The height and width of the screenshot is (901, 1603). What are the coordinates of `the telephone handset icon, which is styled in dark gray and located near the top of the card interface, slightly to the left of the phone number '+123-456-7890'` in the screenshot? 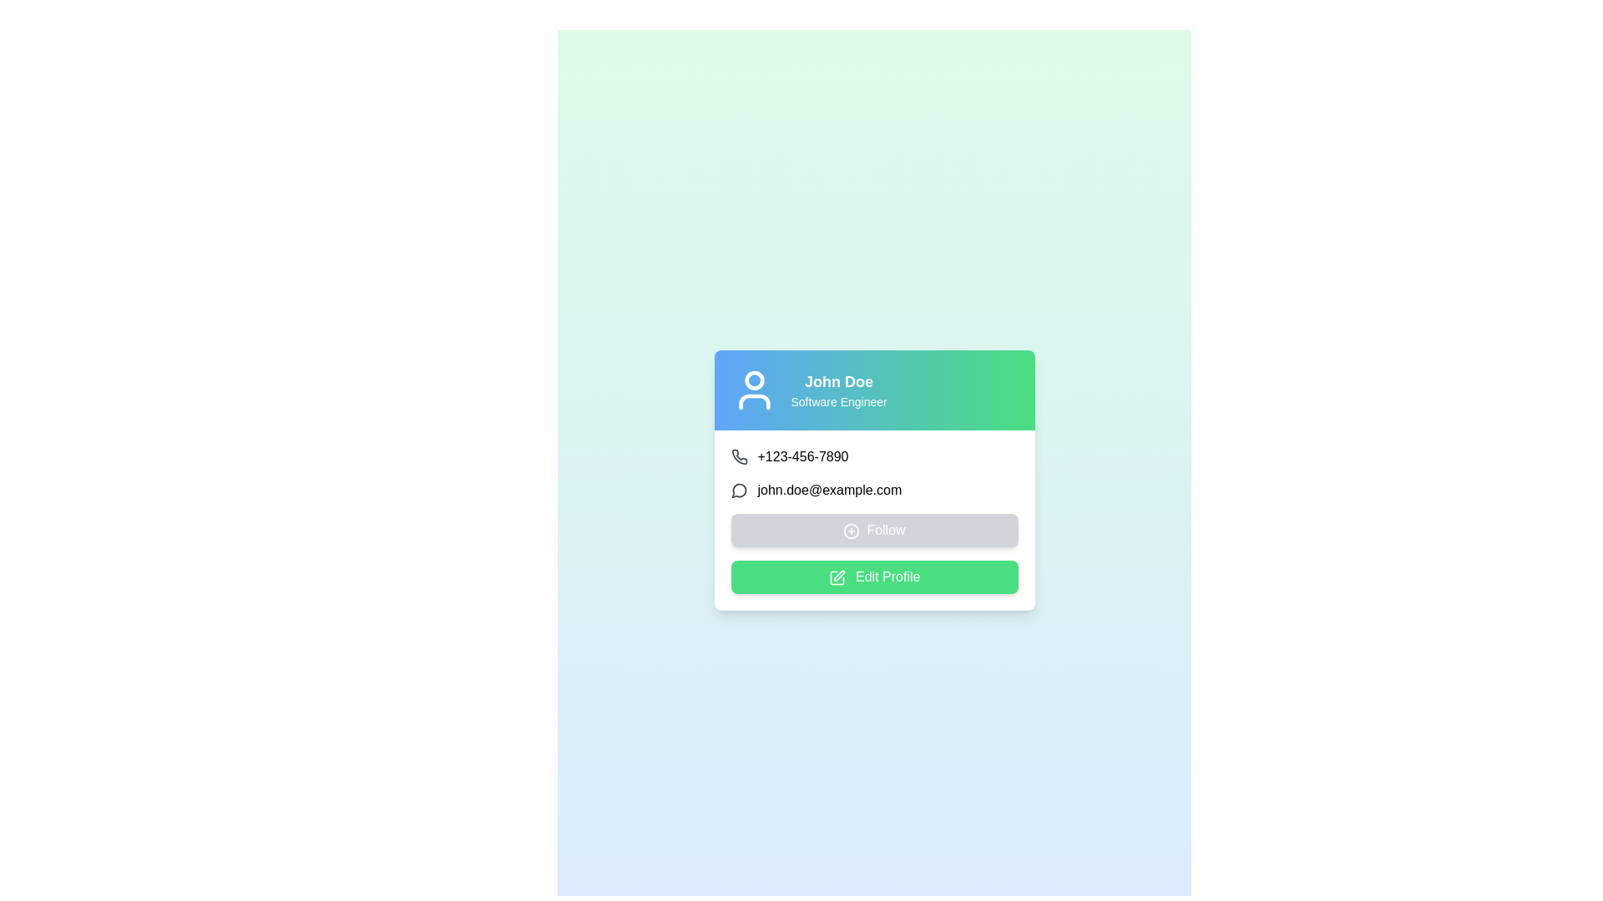 It's located at (738, 456).